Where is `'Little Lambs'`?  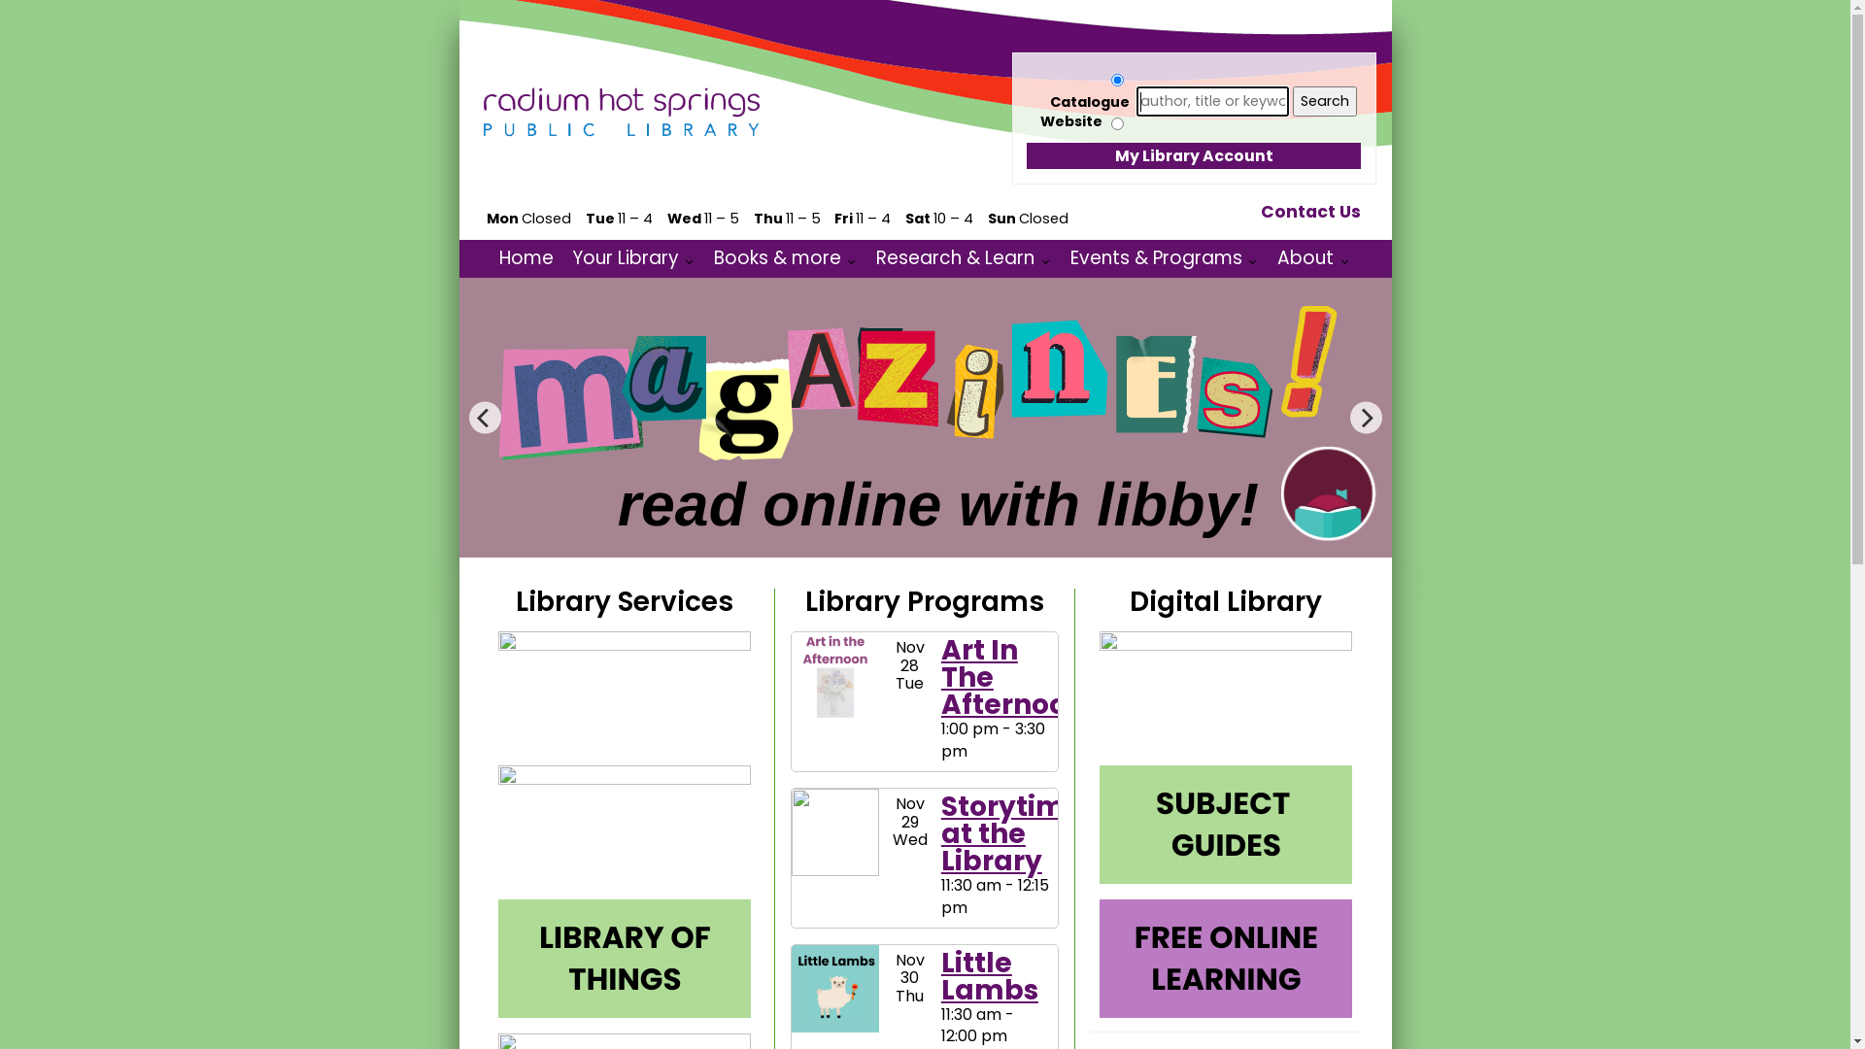 'Little Lambs' is located at coordinates (989, 976).